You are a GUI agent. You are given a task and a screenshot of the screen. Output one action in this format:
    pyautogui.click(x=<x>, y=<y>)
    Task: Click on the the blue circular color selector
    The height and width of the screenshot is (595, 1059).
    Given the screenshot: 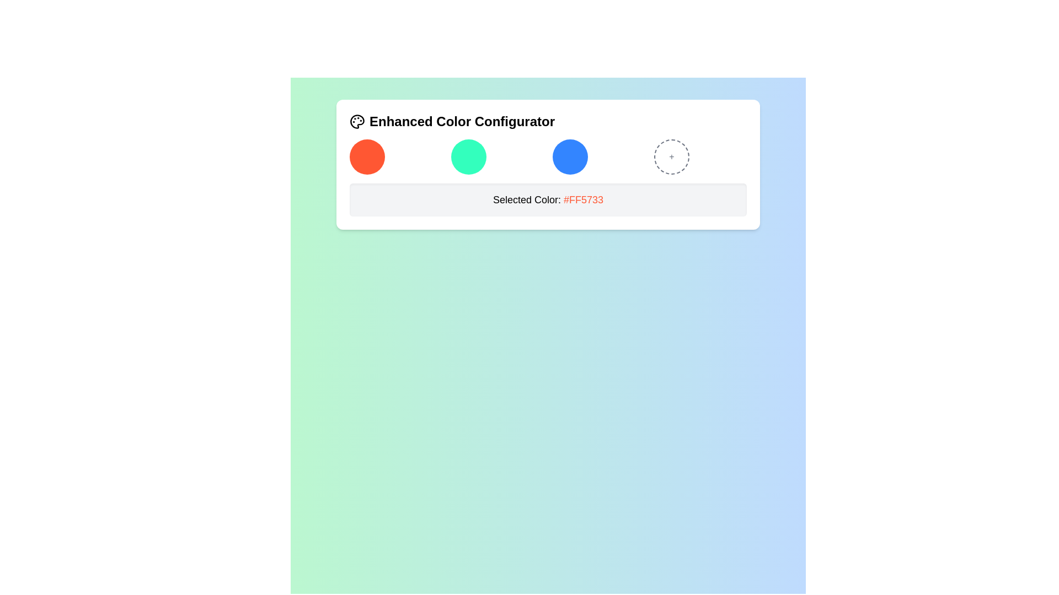 What is the action you would take?
    pyautogui.click(x=598, y=157)
    